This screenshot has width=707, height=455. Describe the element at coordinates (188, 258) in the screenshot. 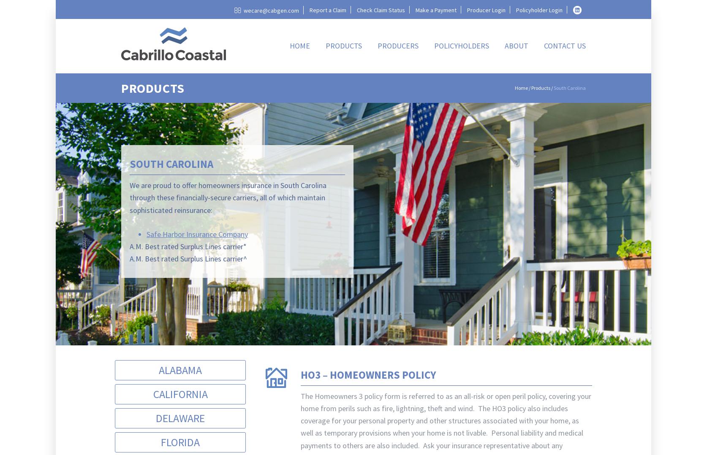

I see `'A.M. Best rated Surplus Lines carrier^'` at that location.